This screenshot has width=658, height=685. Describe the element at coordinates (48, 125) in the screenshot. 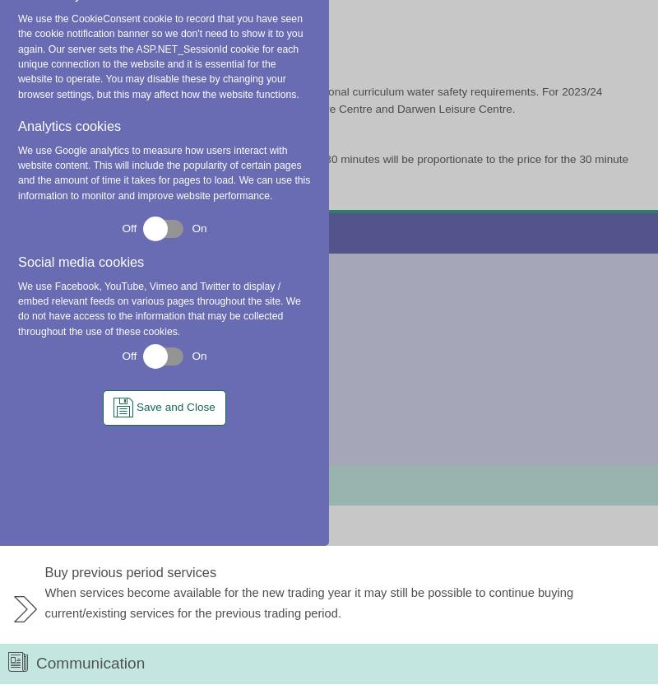

I see `'Publisher'` at that location.